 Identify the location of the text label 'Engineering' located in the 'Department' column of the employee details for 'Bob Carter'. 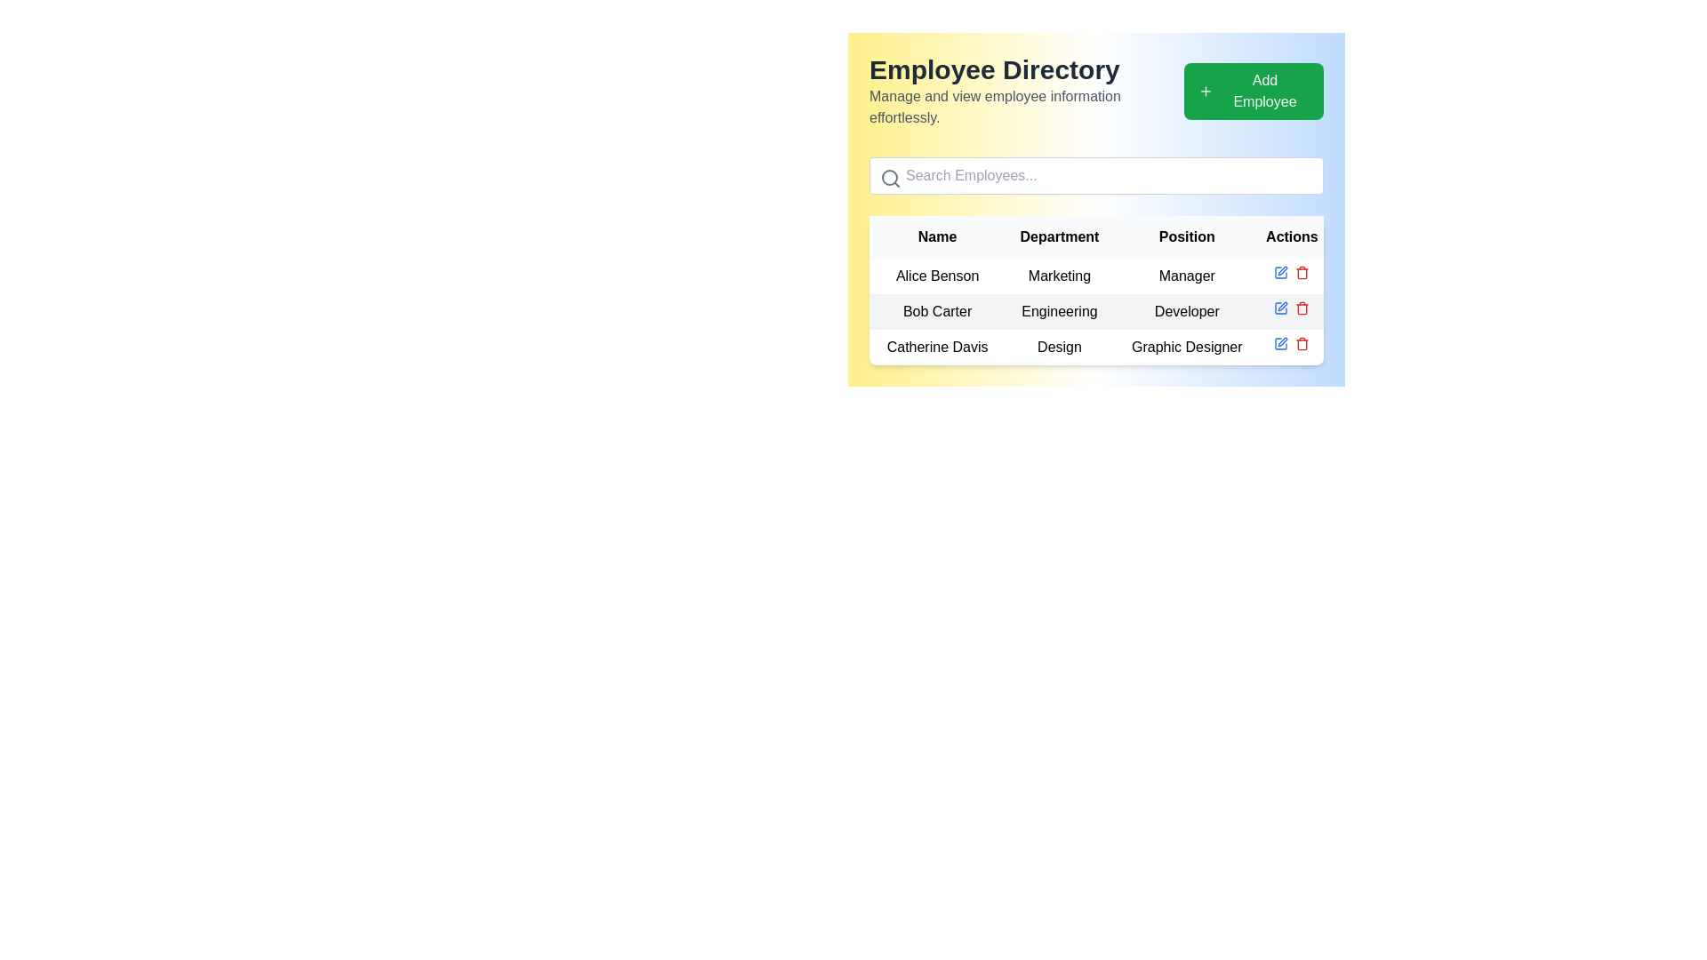
(1059, 311).